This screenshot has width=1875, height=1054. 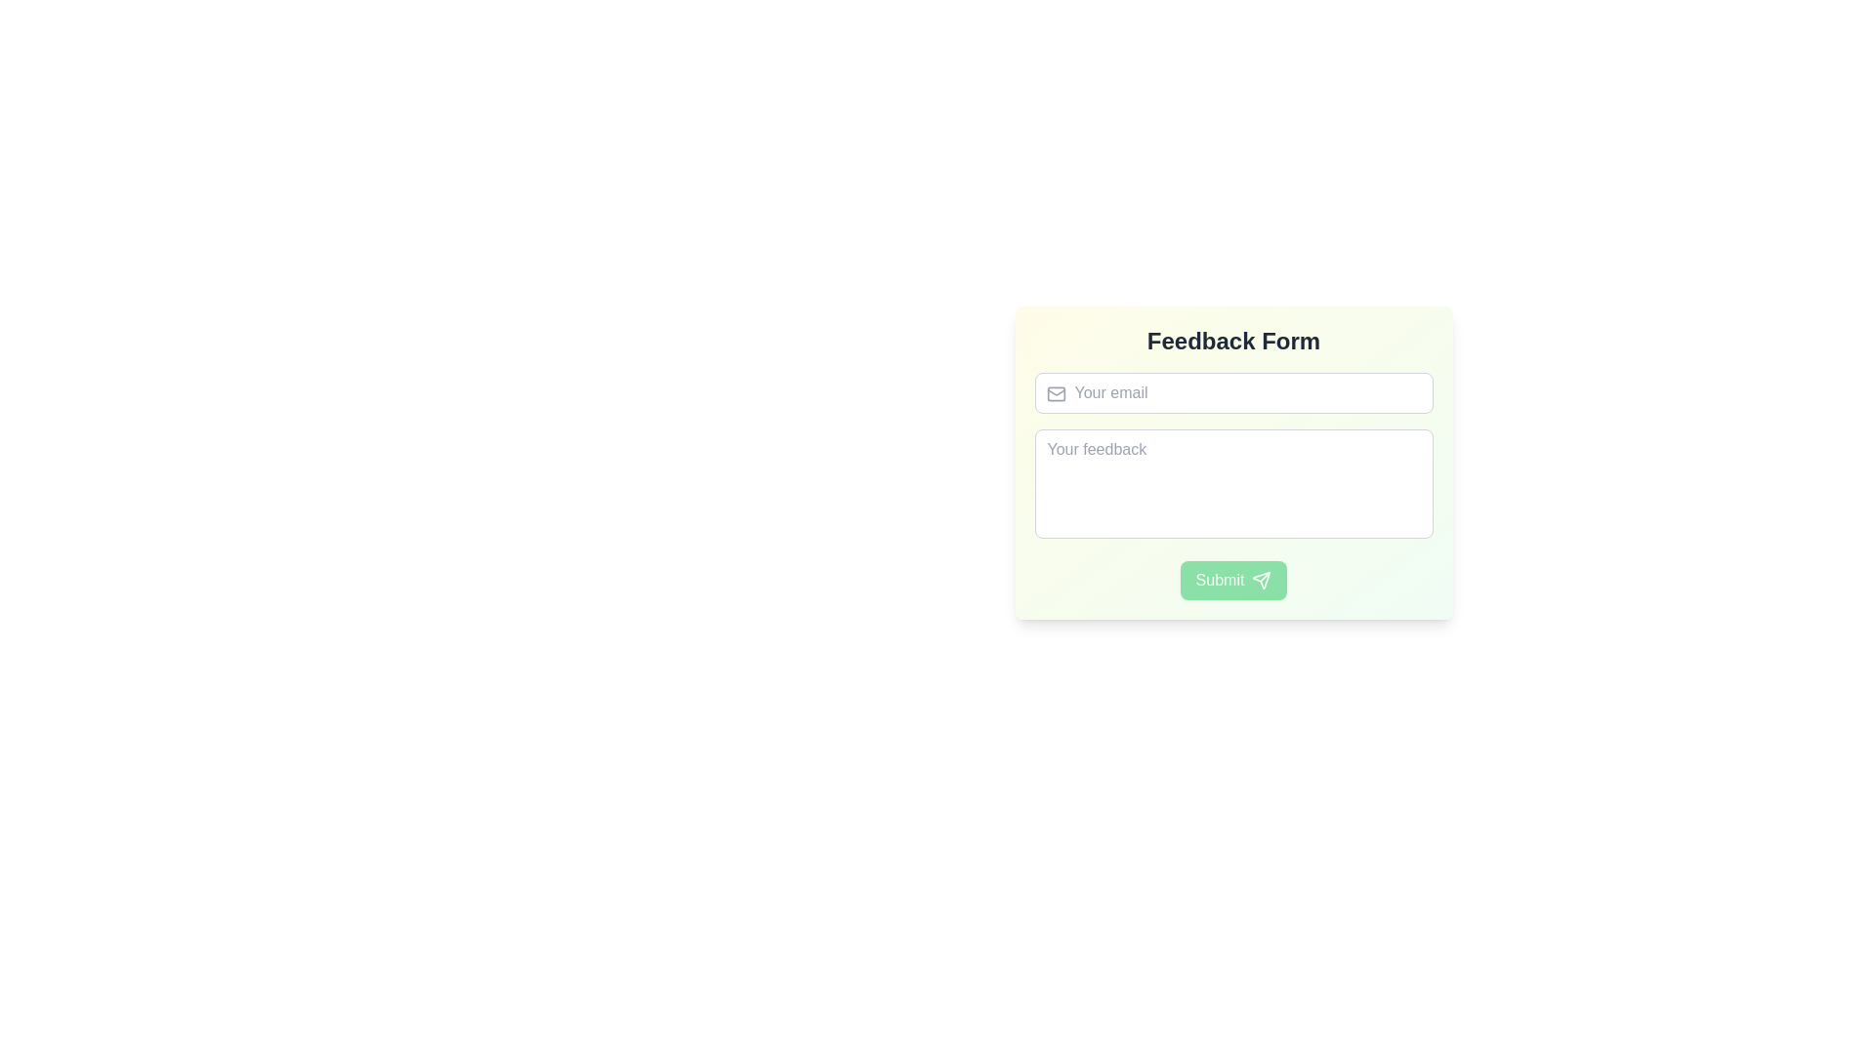 What do you see at coordinates (1262, 579) in the screenshot?
I see `the 'Submit' button which contains the arrow SVG icon positioned to the right of the button's text` at bounding box center [1262, 579].